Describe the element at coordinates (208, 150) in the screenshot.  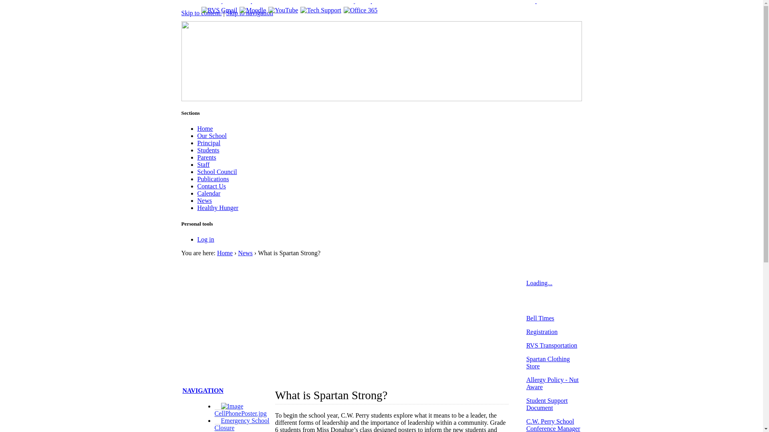
I see `'Students'` at that location.